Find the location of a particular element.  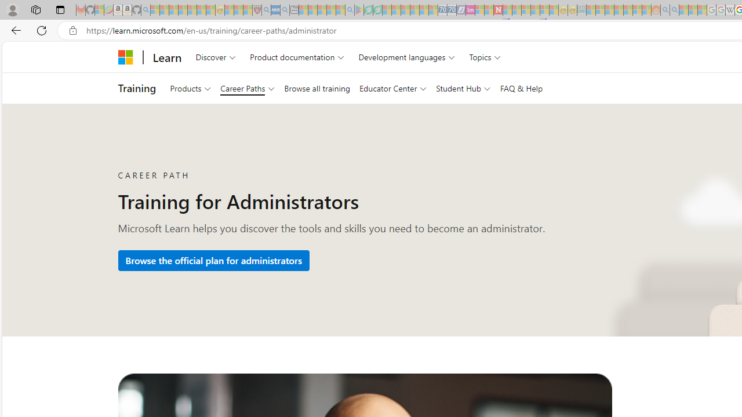

'Product documentation' is located at coordinates (297, 57).